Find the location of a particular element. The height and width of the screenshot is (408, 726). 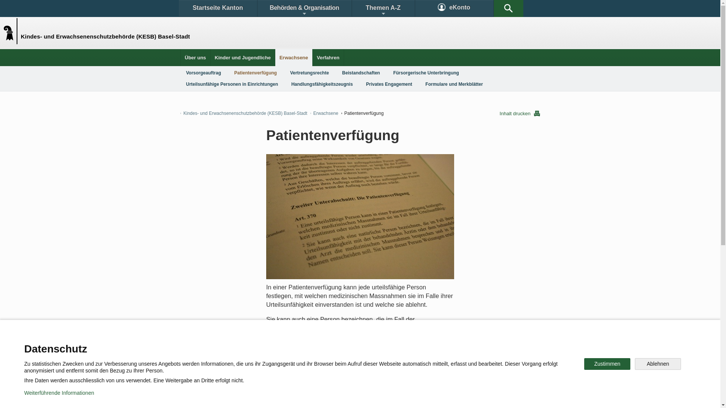

'Zustimmen' is located at coordinates (584, 363).